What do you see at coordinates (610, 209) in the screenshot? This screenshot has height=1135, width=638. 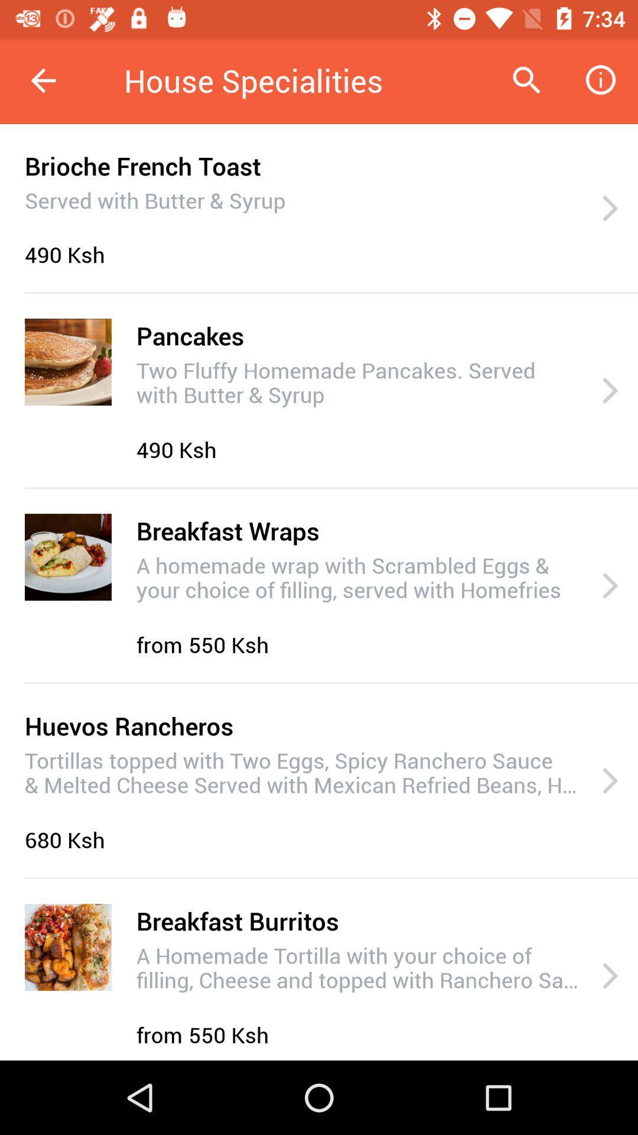 I see `the item next to the served with butter icon` at bounding box center [610, 209].